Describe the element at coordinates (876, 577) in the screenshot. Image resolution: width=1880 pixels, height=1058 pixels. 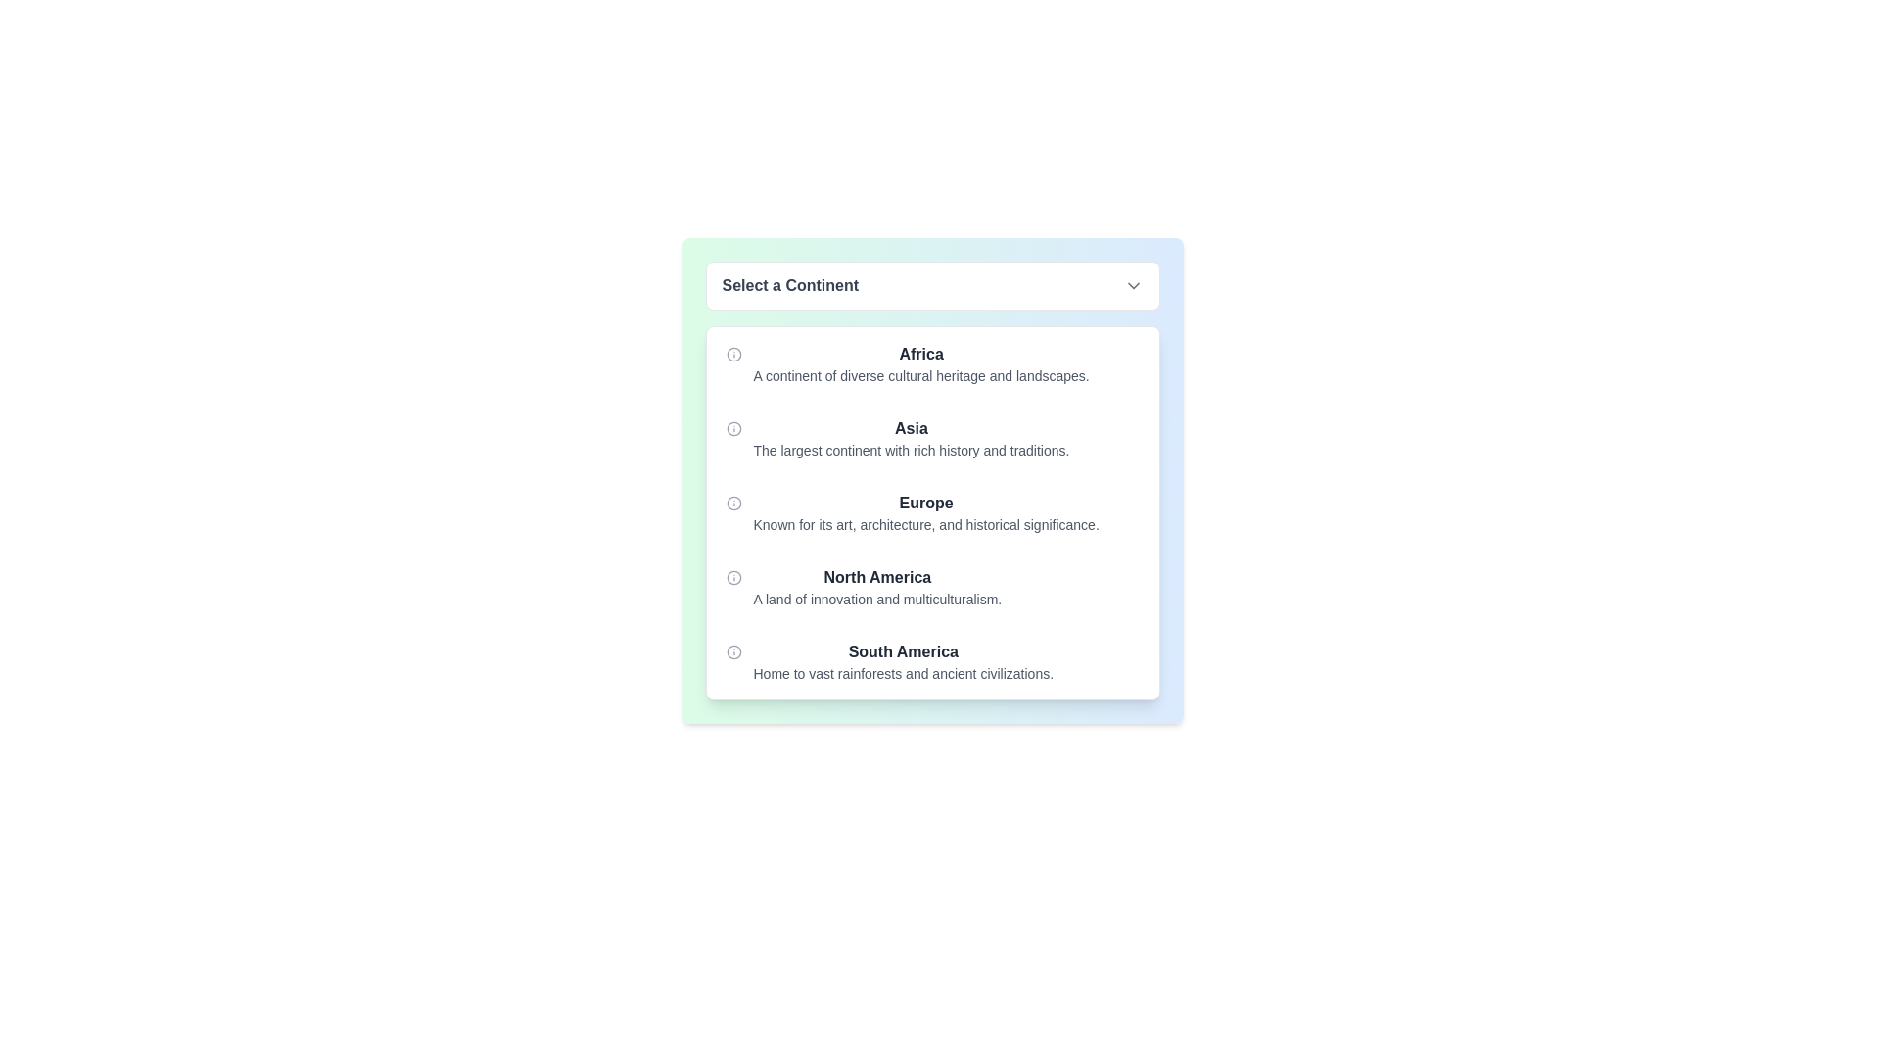
I see `the Text Label reading 'North America', which is the fourth item in the selection menu of continents, positioned between 'Europe' and its description 'A land of innovation and multiculturalism'` at that location.